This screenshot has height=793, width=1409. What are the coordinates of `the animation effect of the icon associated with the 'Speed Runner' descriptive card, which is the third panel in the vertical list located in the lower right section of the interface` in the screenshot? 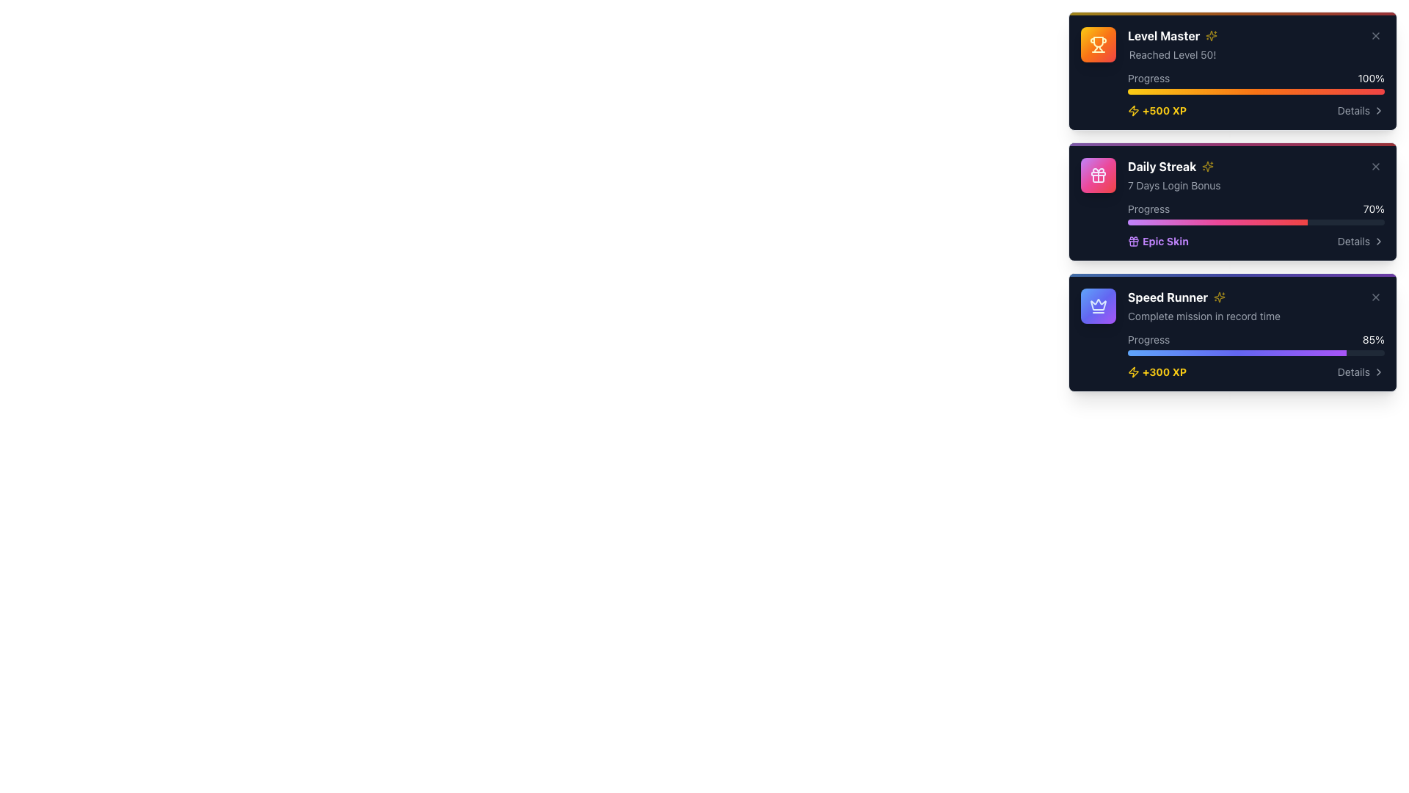 It's located at (1256, 305).